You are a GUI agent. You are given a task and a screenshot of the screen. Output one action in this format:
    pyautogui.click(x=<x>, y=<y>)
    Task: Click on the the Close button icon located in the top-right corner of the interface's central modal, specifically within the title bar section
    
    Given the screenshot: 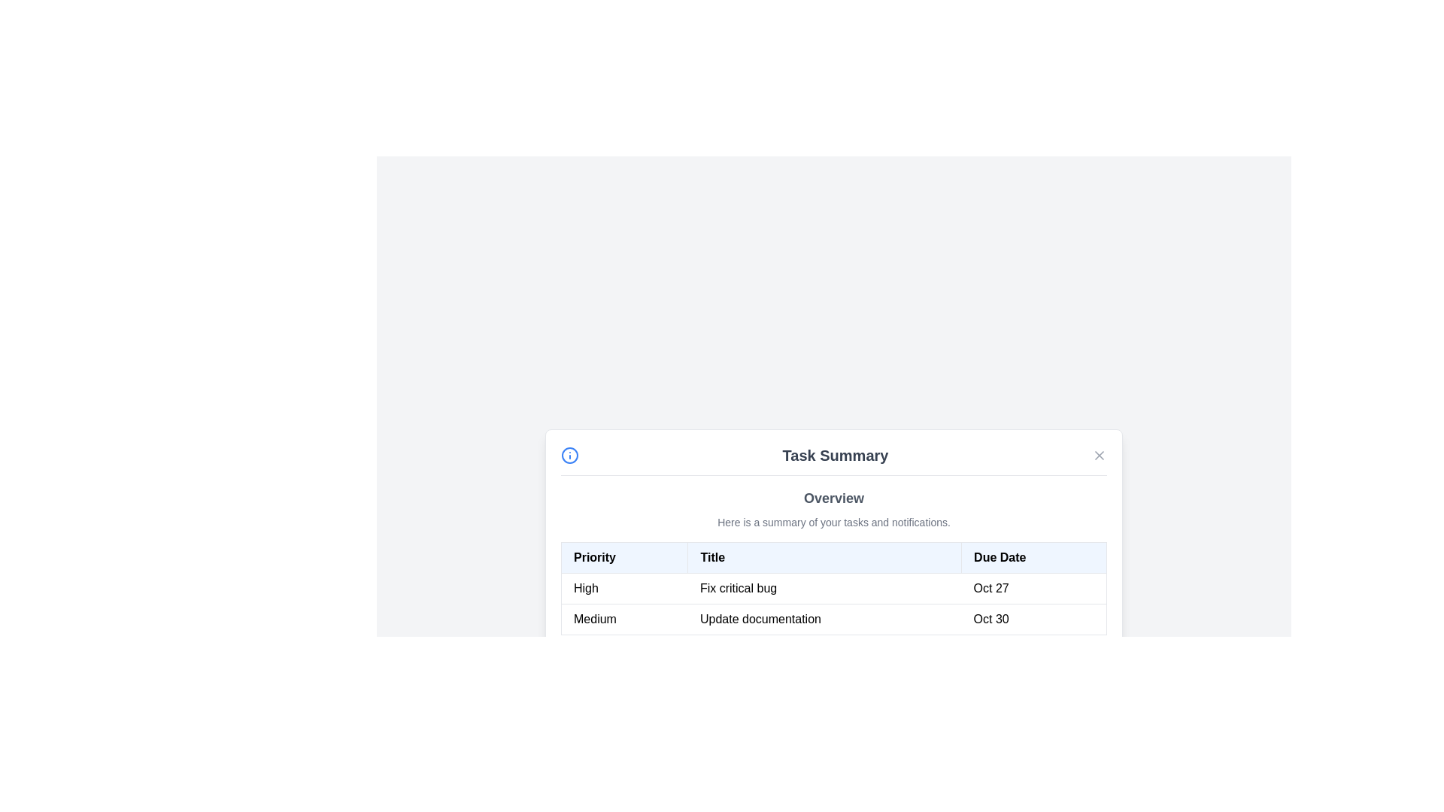 What is the action you would take?
    pyautogui.click(x=1100, y=454)
    